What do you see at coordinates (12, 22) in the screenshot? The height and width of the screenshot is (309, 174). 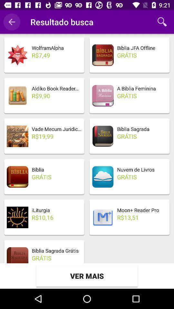 I see `icon to the left of the resultado busca item` at bounding box center [12, 22].